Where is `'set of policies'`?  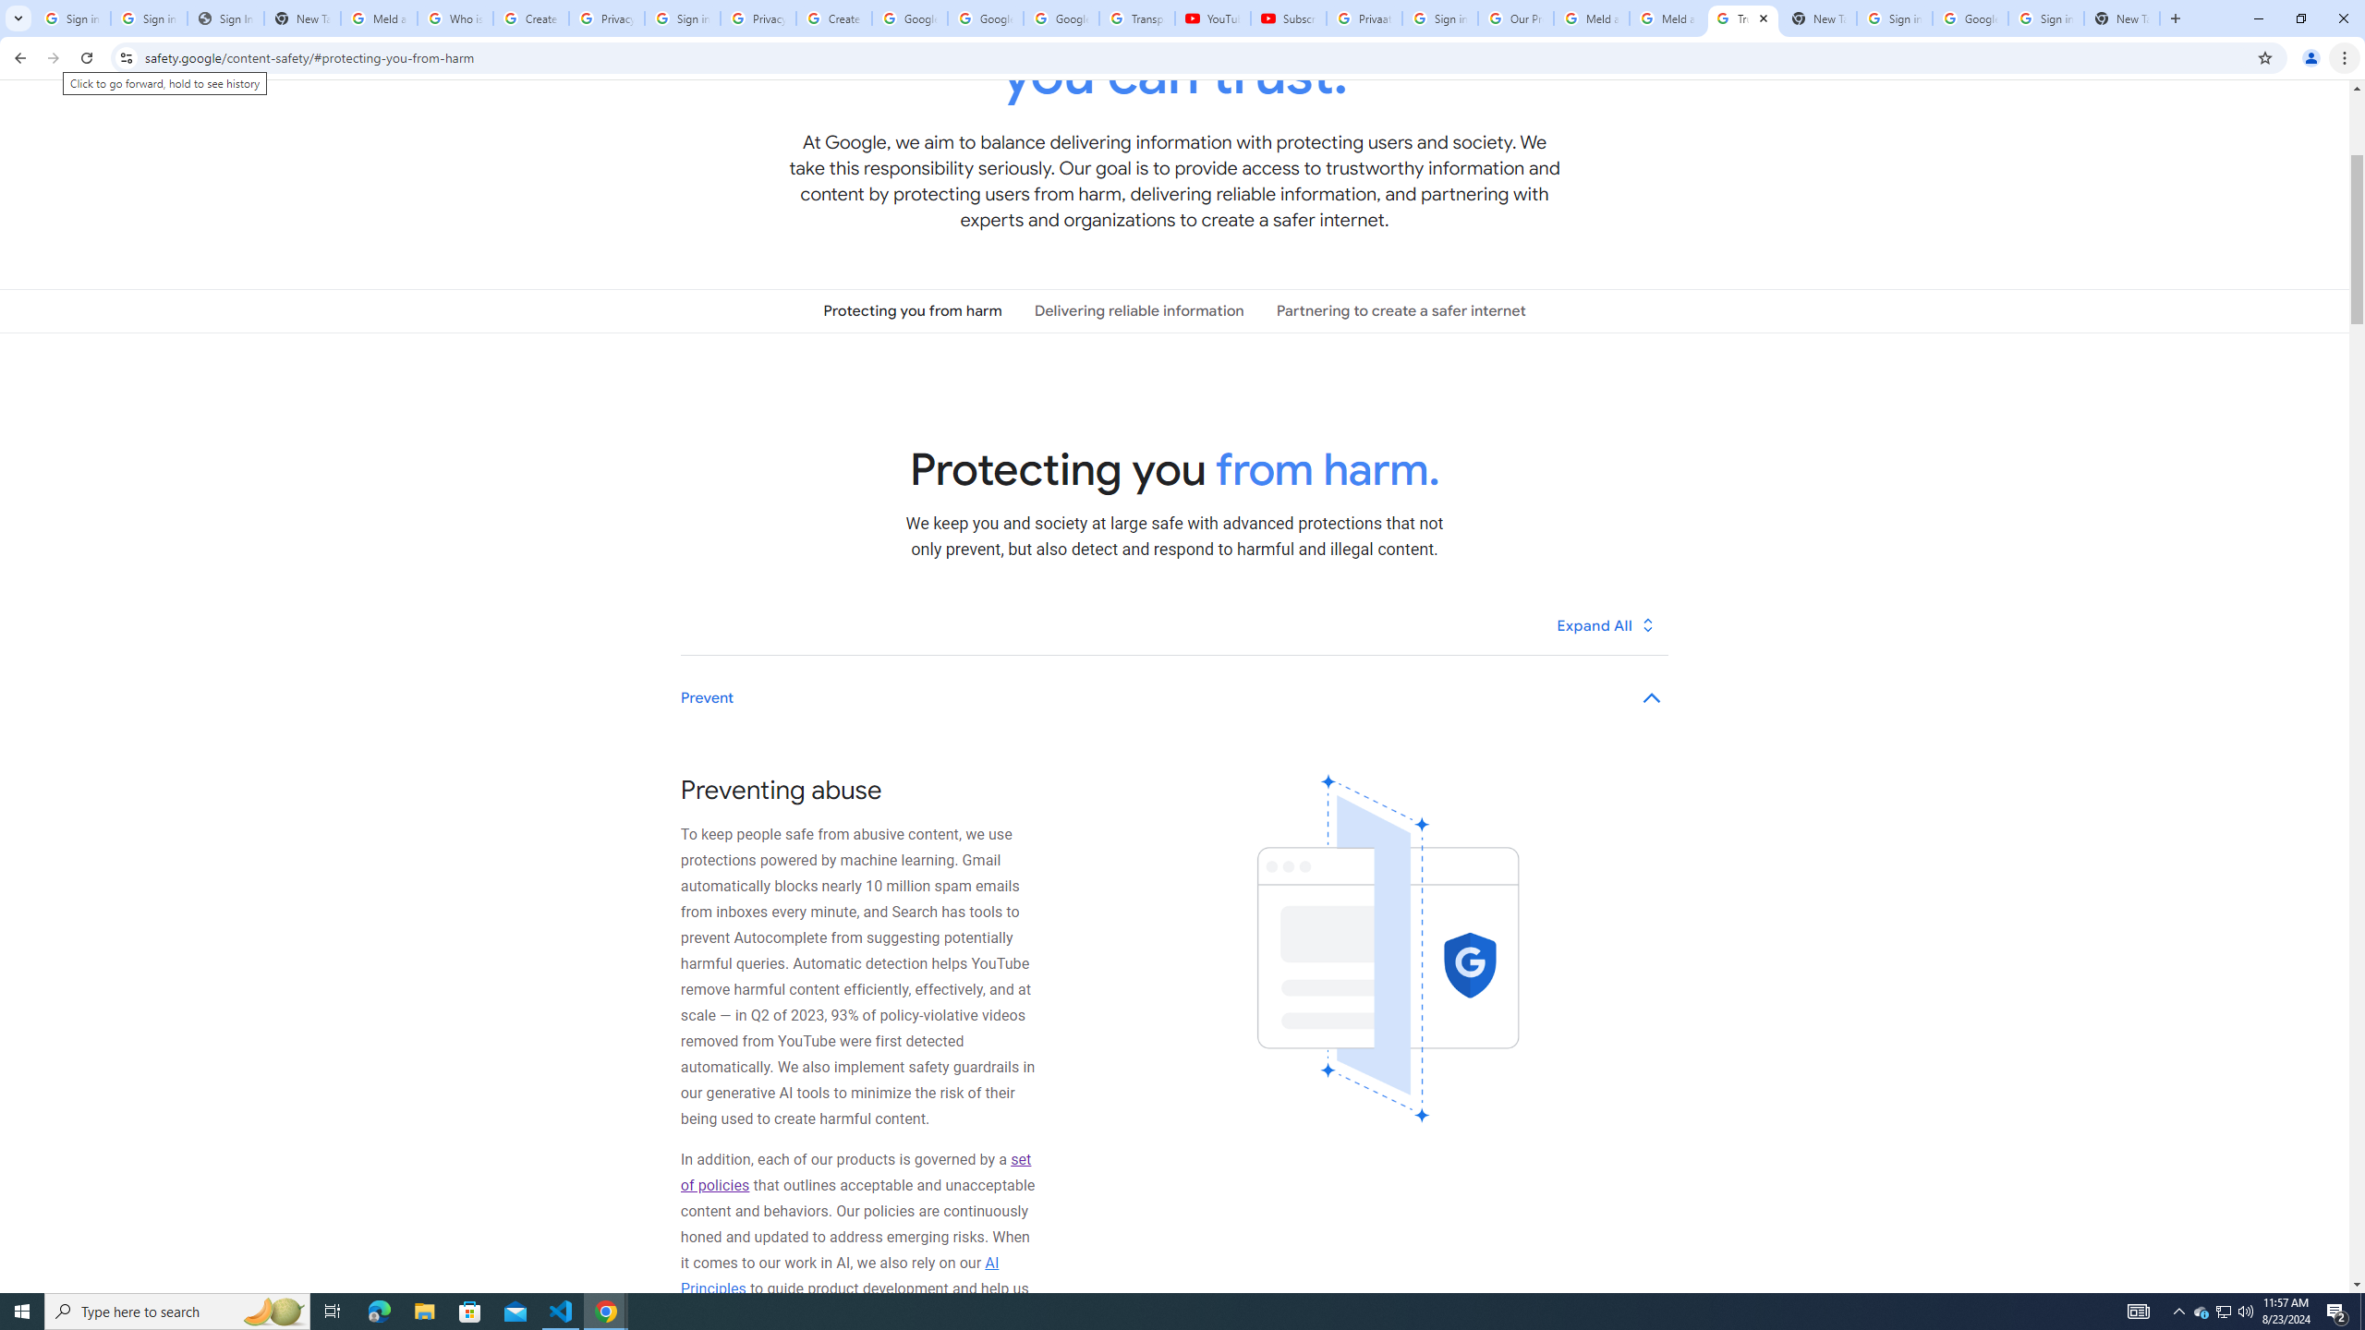 'set of policies' is located at coordinates (855, 1171).